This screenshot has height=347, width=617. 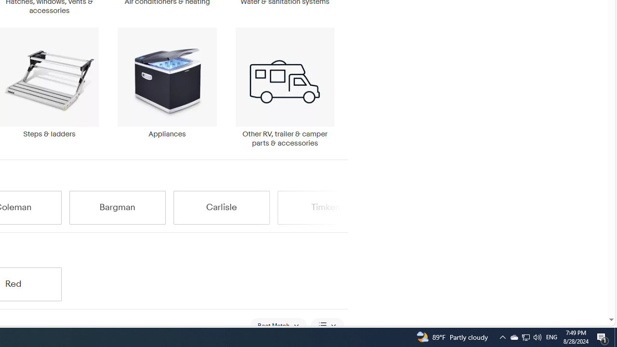 I want to click on 'Bargman', so click(x=117, y=207).